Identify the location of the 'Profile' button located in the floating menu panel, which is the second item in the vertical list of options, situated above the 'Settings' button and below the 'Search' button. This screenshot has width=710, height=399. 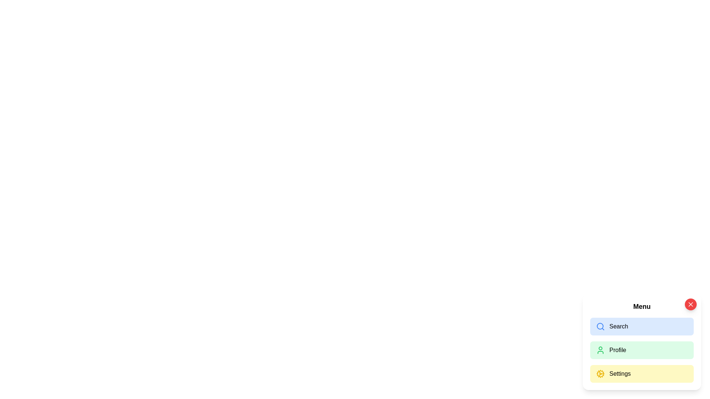
(642, 342).